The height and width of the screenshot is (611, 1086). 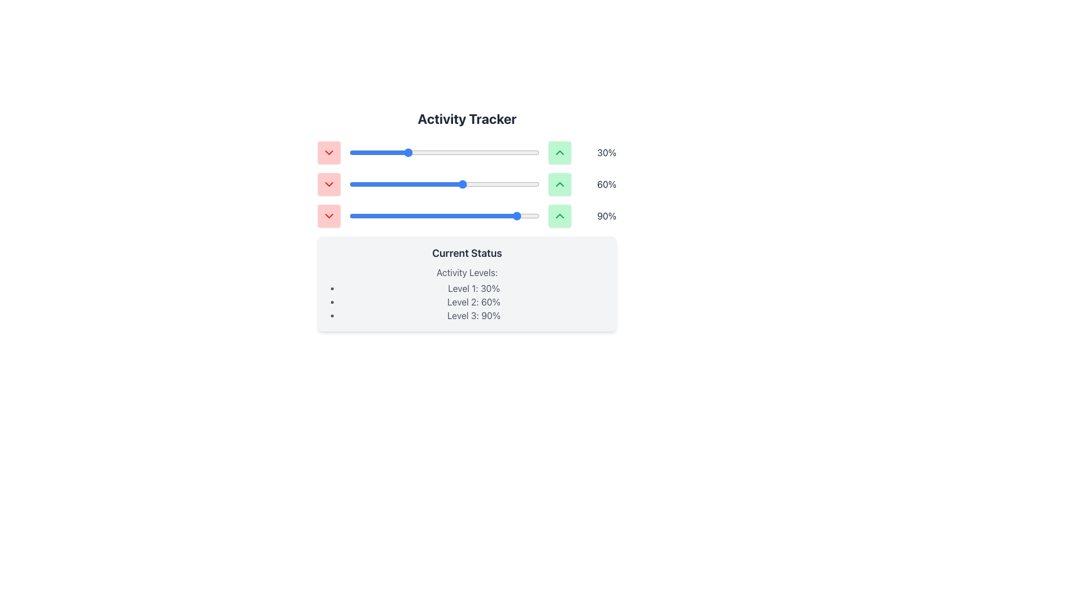 What do you see at coordinates (444, 153) in the screenshot?
I see `the blue knob of the range slider, which is positioned horizontally between a downward red button and an upward green button` at bounding box center [444, 153].